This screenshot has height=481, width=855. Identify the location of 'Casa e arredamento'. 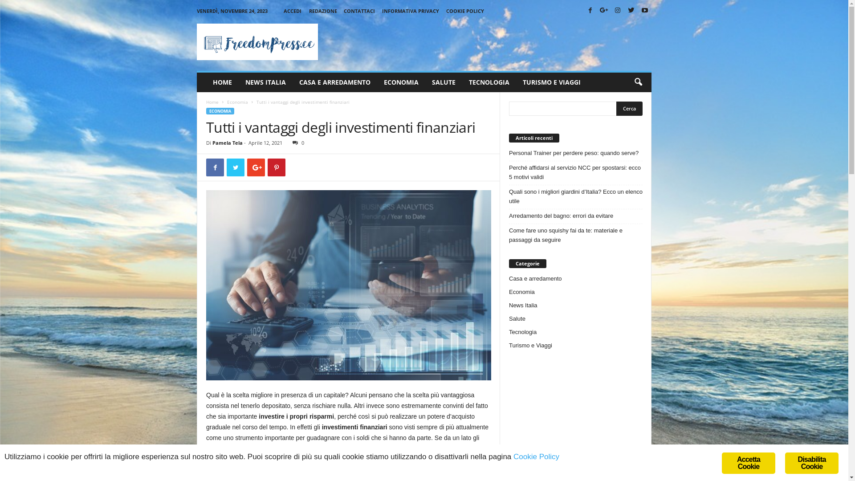
(535, 278).